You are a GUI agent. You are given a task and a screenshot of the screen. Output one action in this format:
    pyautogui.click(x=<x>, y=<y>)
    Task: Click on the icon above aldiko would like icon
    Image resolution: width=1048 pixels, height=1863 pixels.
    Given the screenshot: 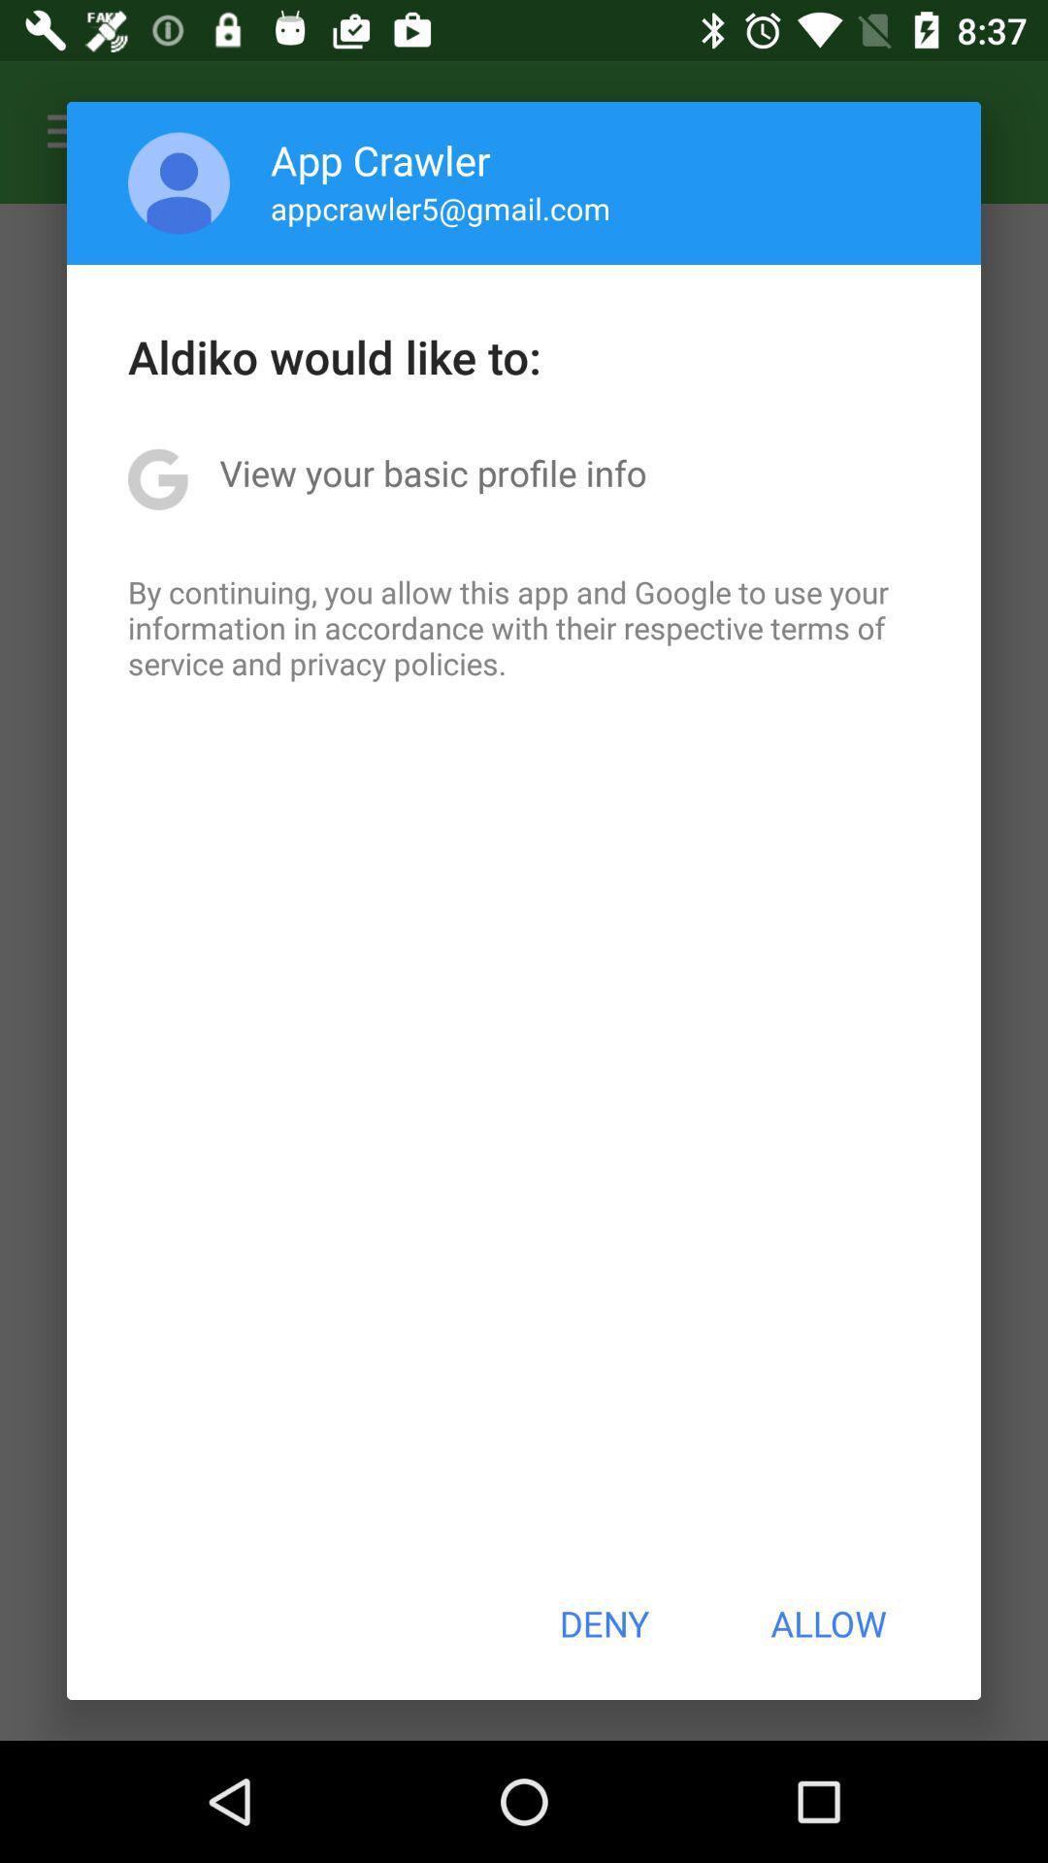 What is the action you would take?
    pyautogui.click(x=179, y=182)
    